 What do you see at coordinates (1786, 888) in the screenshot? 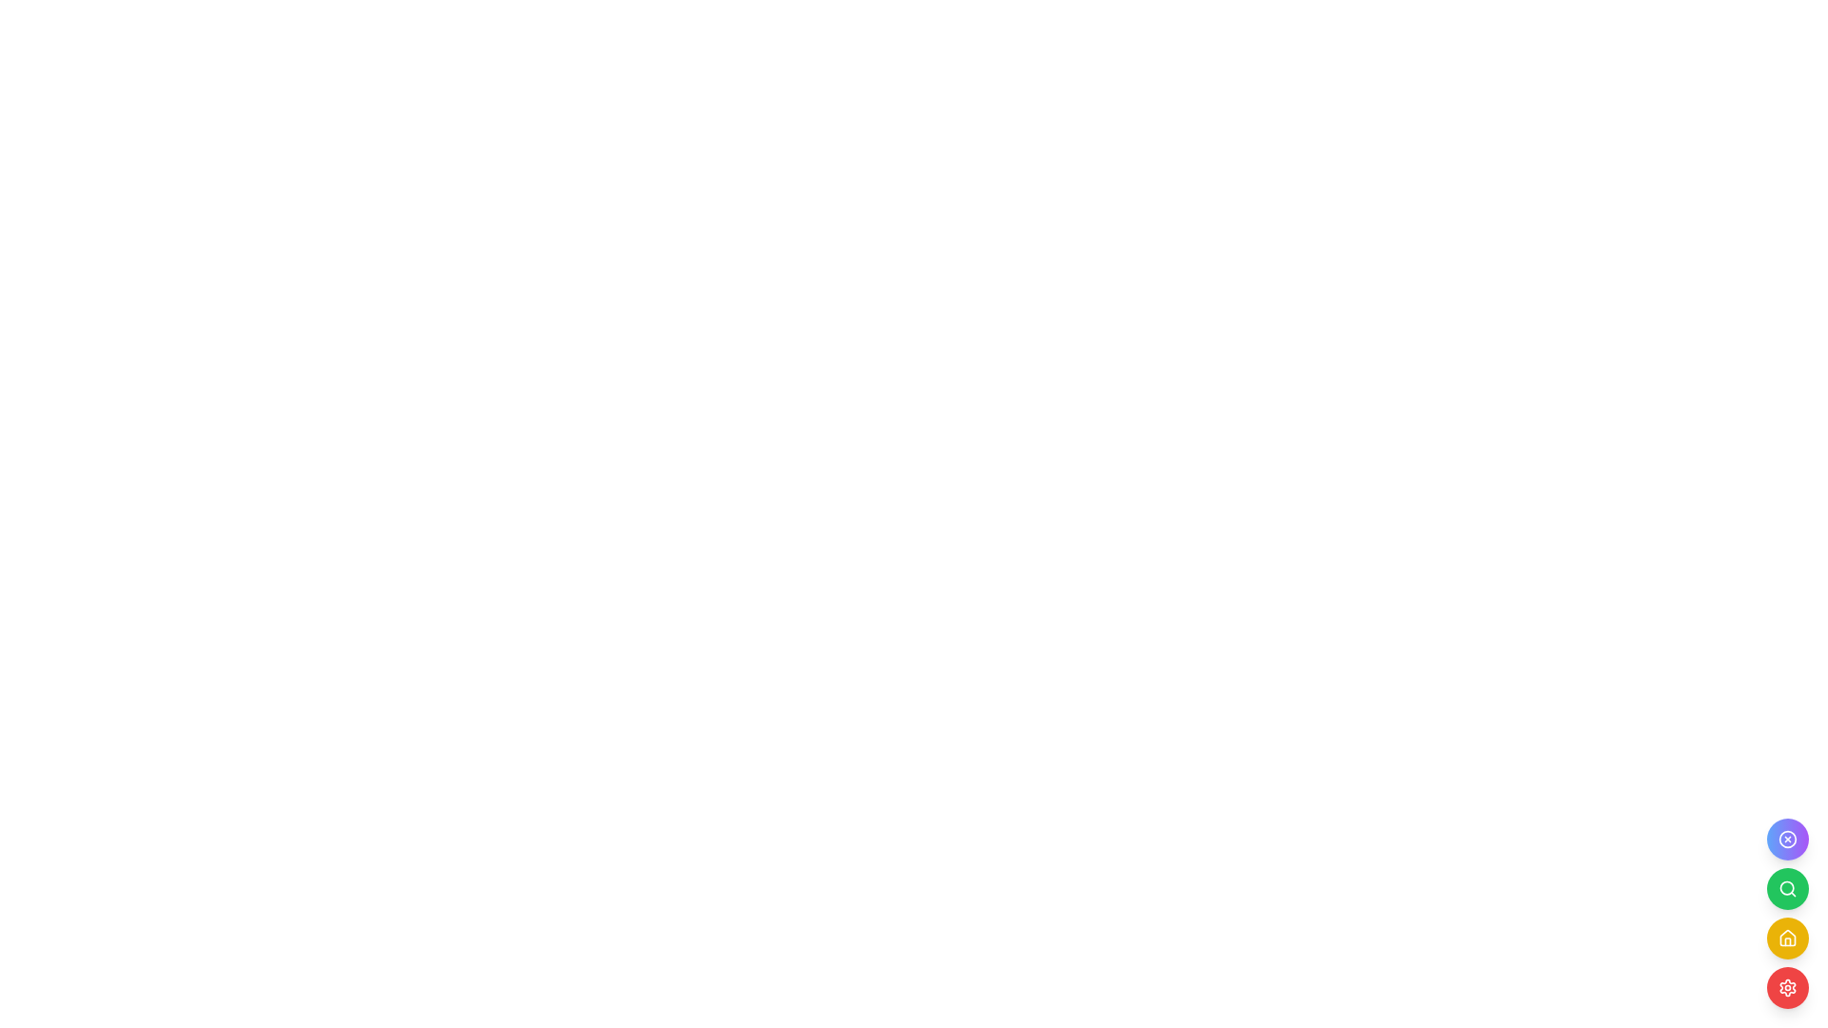
I see `the search icon button, which is a white magnifying glass on a green circular background, located second in a vertical stack of buttons on the right side of the interface` at bounding box center [1786, 888].